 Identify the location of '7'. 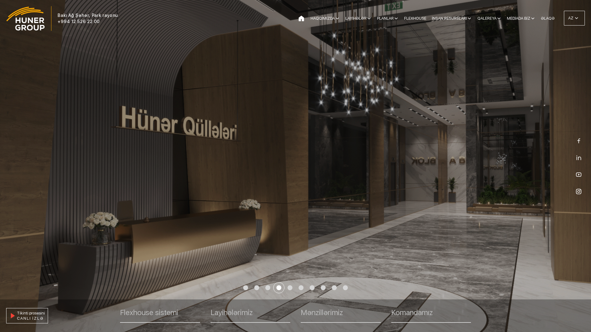
(312, 288).